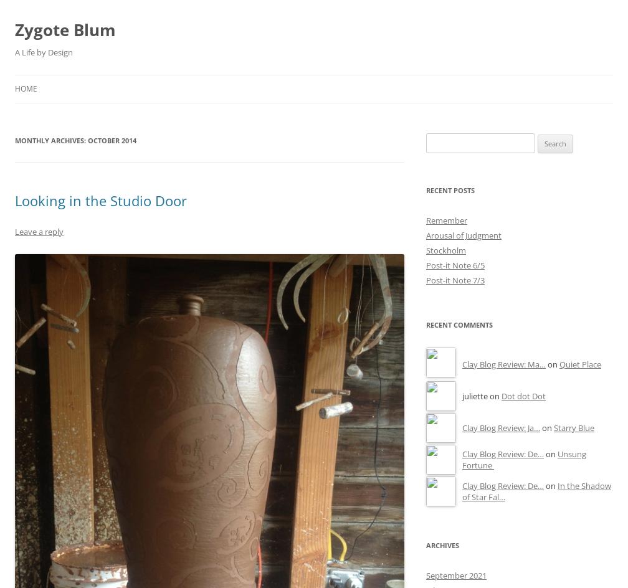  What do you see at coordinates (426, 220) in the screenshot?
I see `'Remember'` at bounding box center [426, 220].